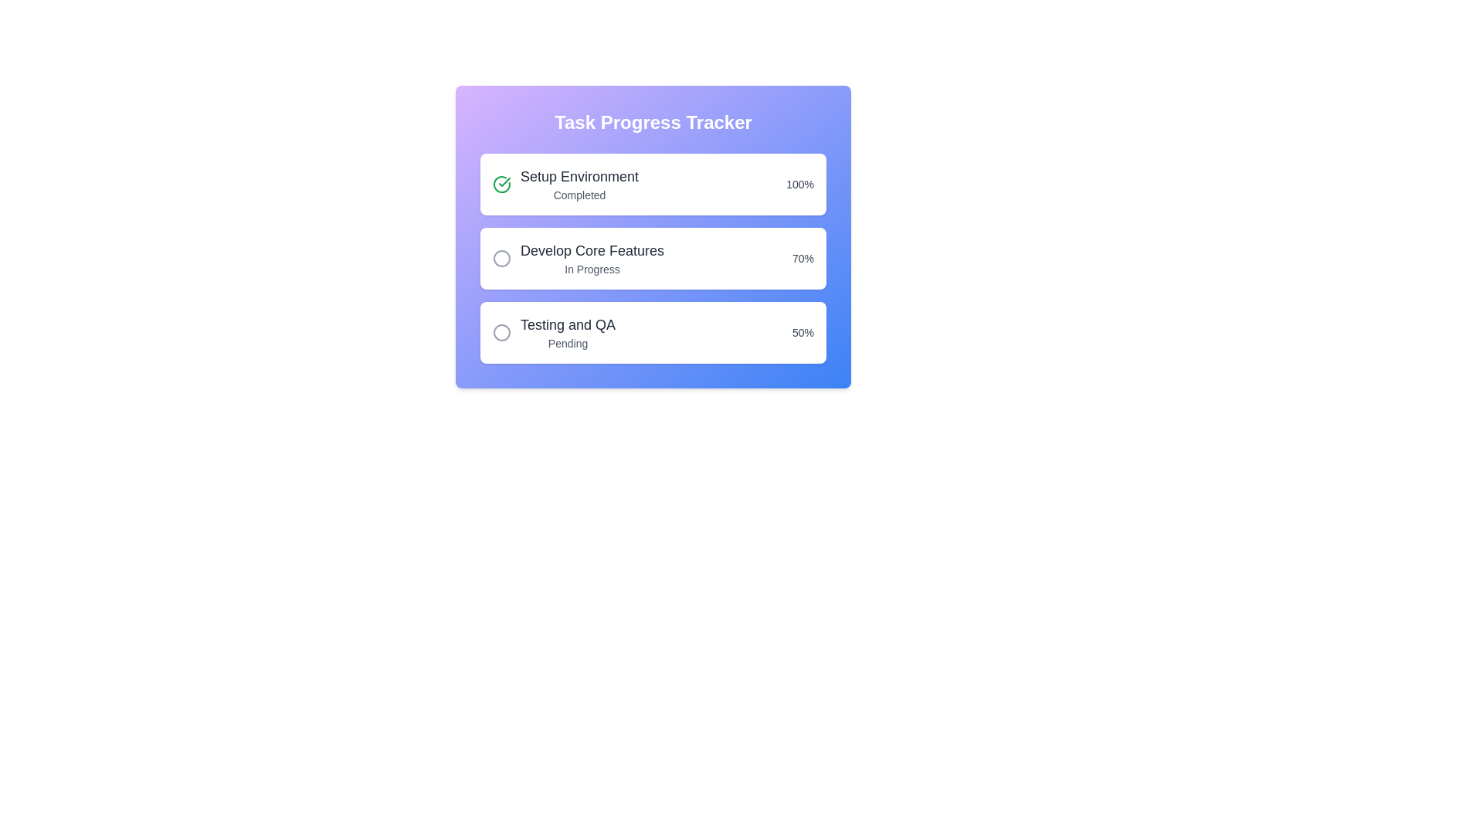 Image resolution: width=1483 pixels, height=834 pixels. I want to click on the heading text that displays 'Task Progress Tracker', which is located at the upper section of the card with a gradient background, so click(653, 121).